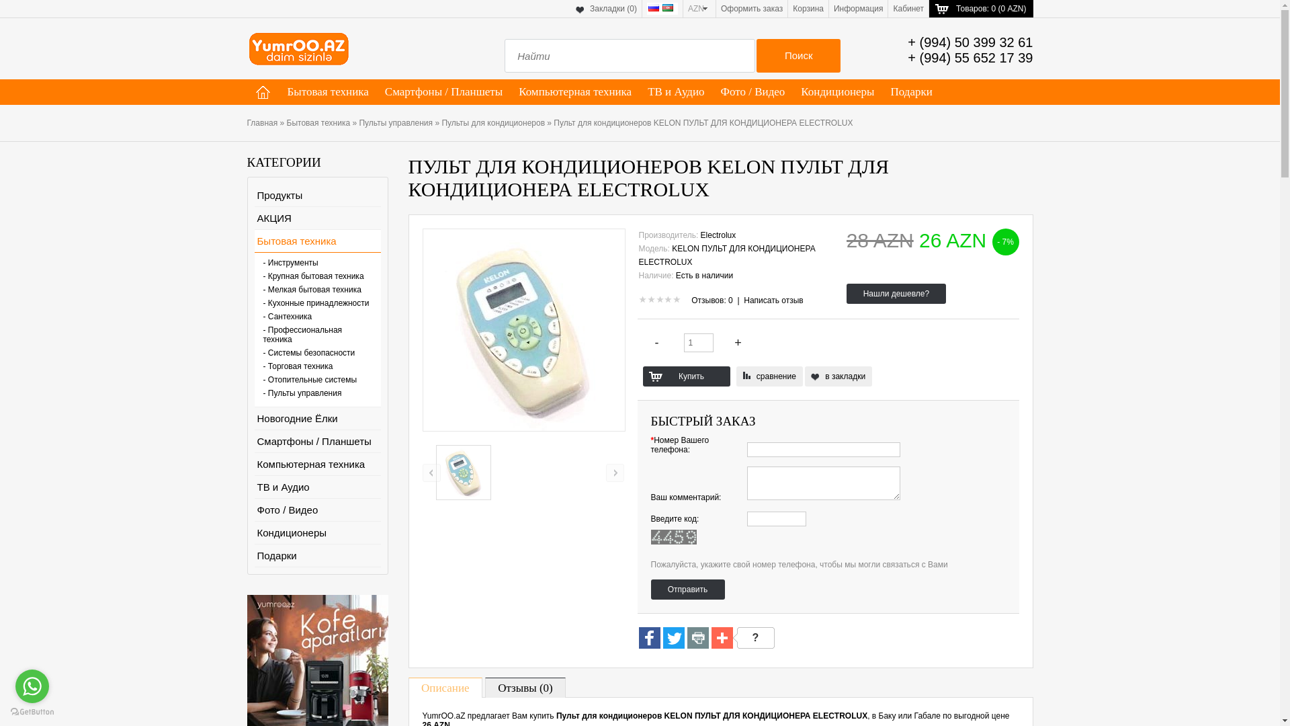 This screenshot has height=726, width=1290. Describe the element at coordinates (614, 472) in the screenshot. I see `'right'` at that location.